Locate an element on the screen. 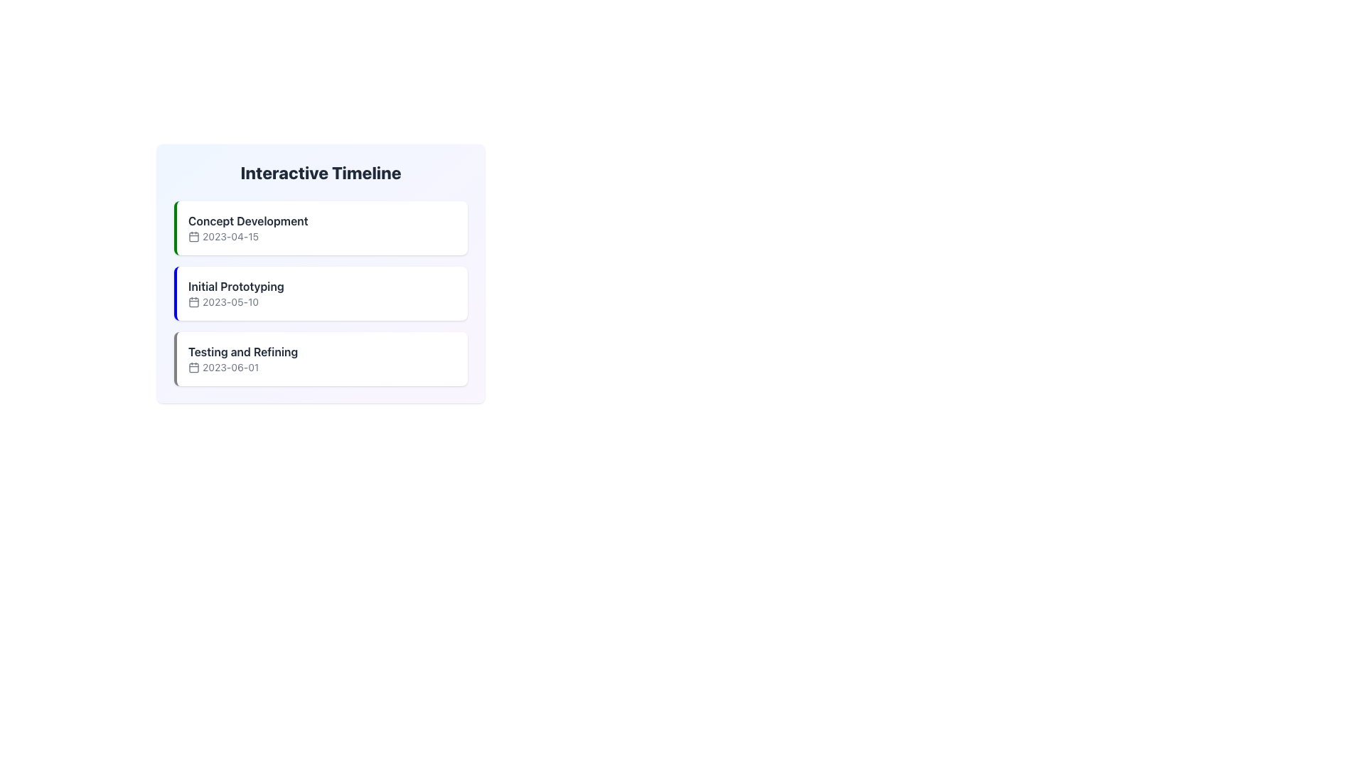  date information displayed in the small gray font labeled '2023-06-01', which is preceded by a gray calendar icon and located under the 'Testing and Refining' entry is located at coordinates (243, 366).